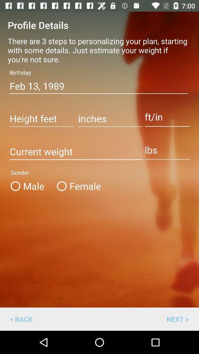  Describe the element at coordinates (110, 119) in the screenshot. I see `insert inches` at that location.